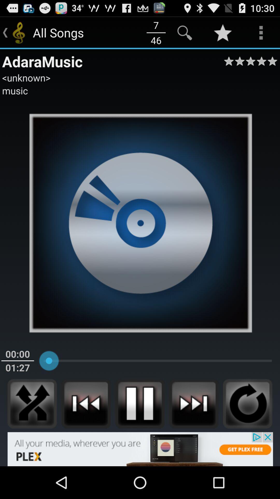  I want to click on pause song, so click(139, 403).